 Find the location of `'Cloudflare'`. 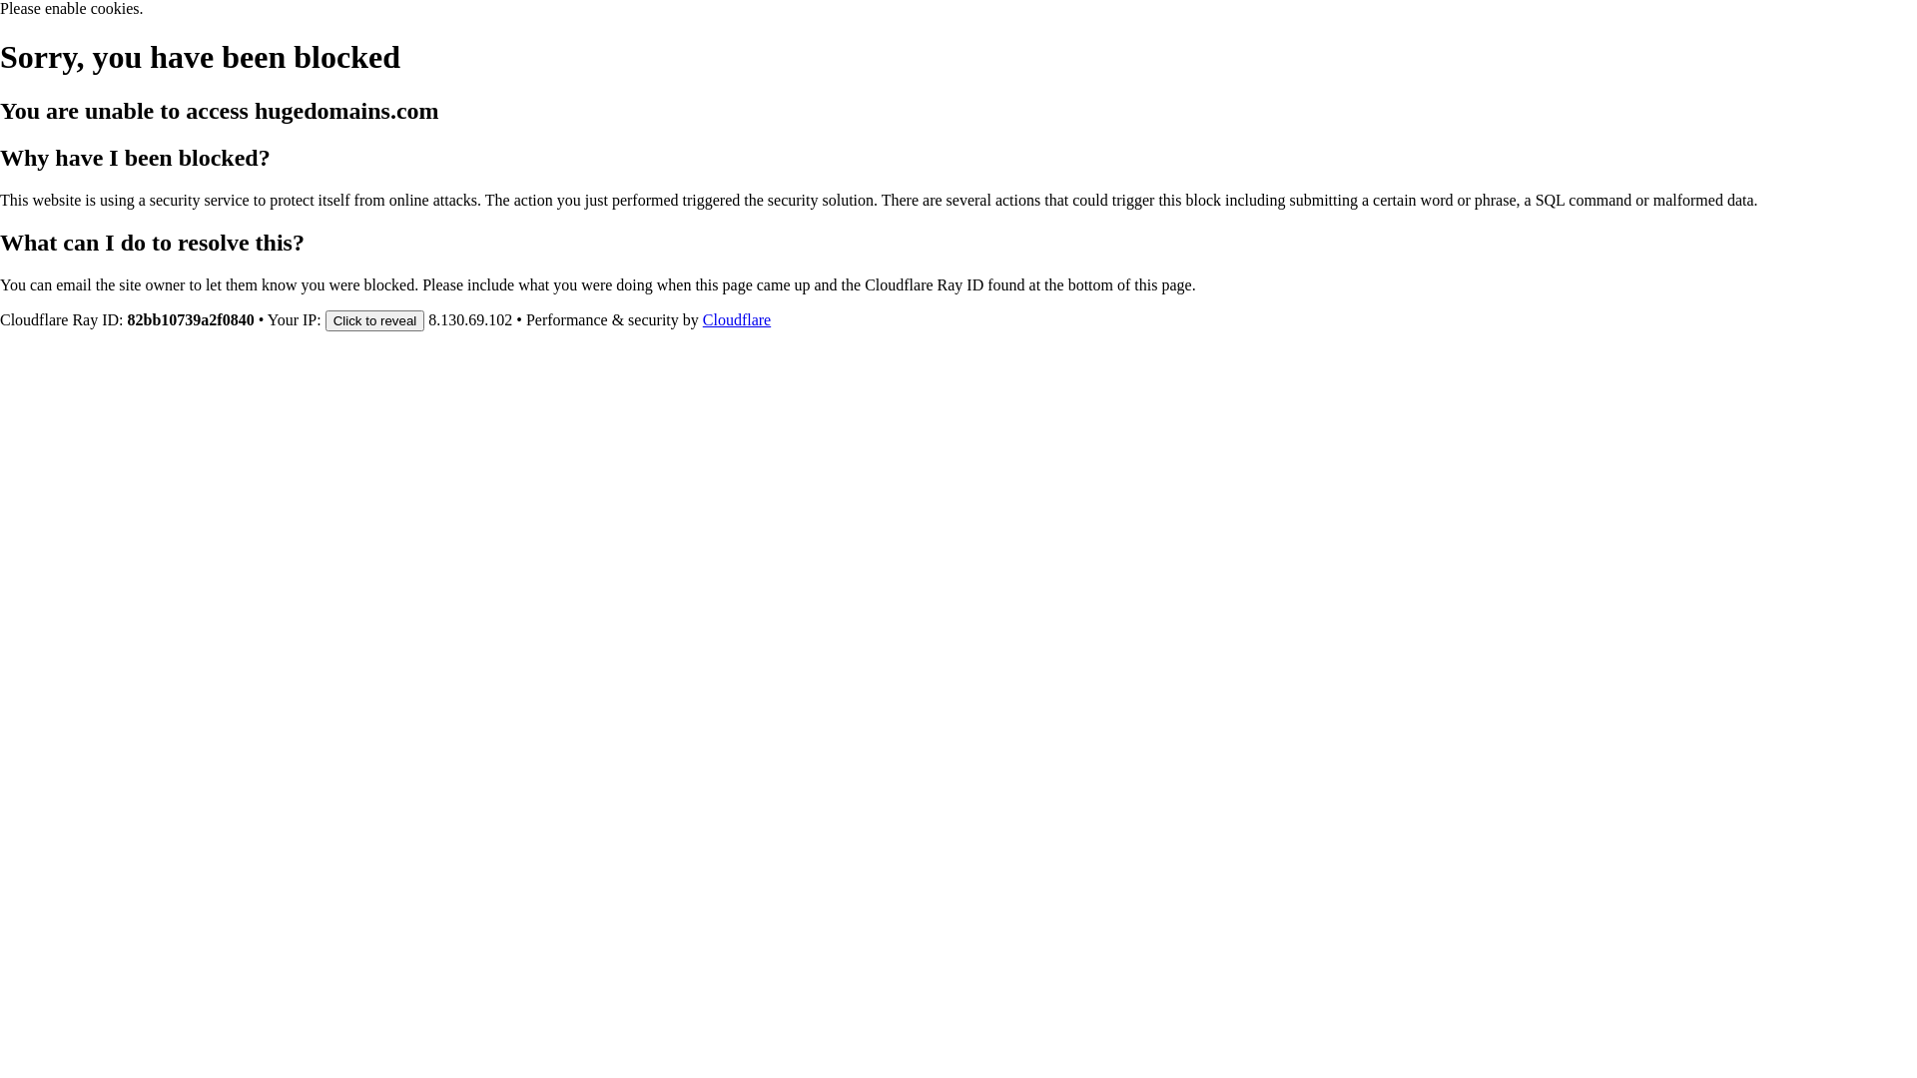

'Cloudflare' is located at coordinates (736, 318).